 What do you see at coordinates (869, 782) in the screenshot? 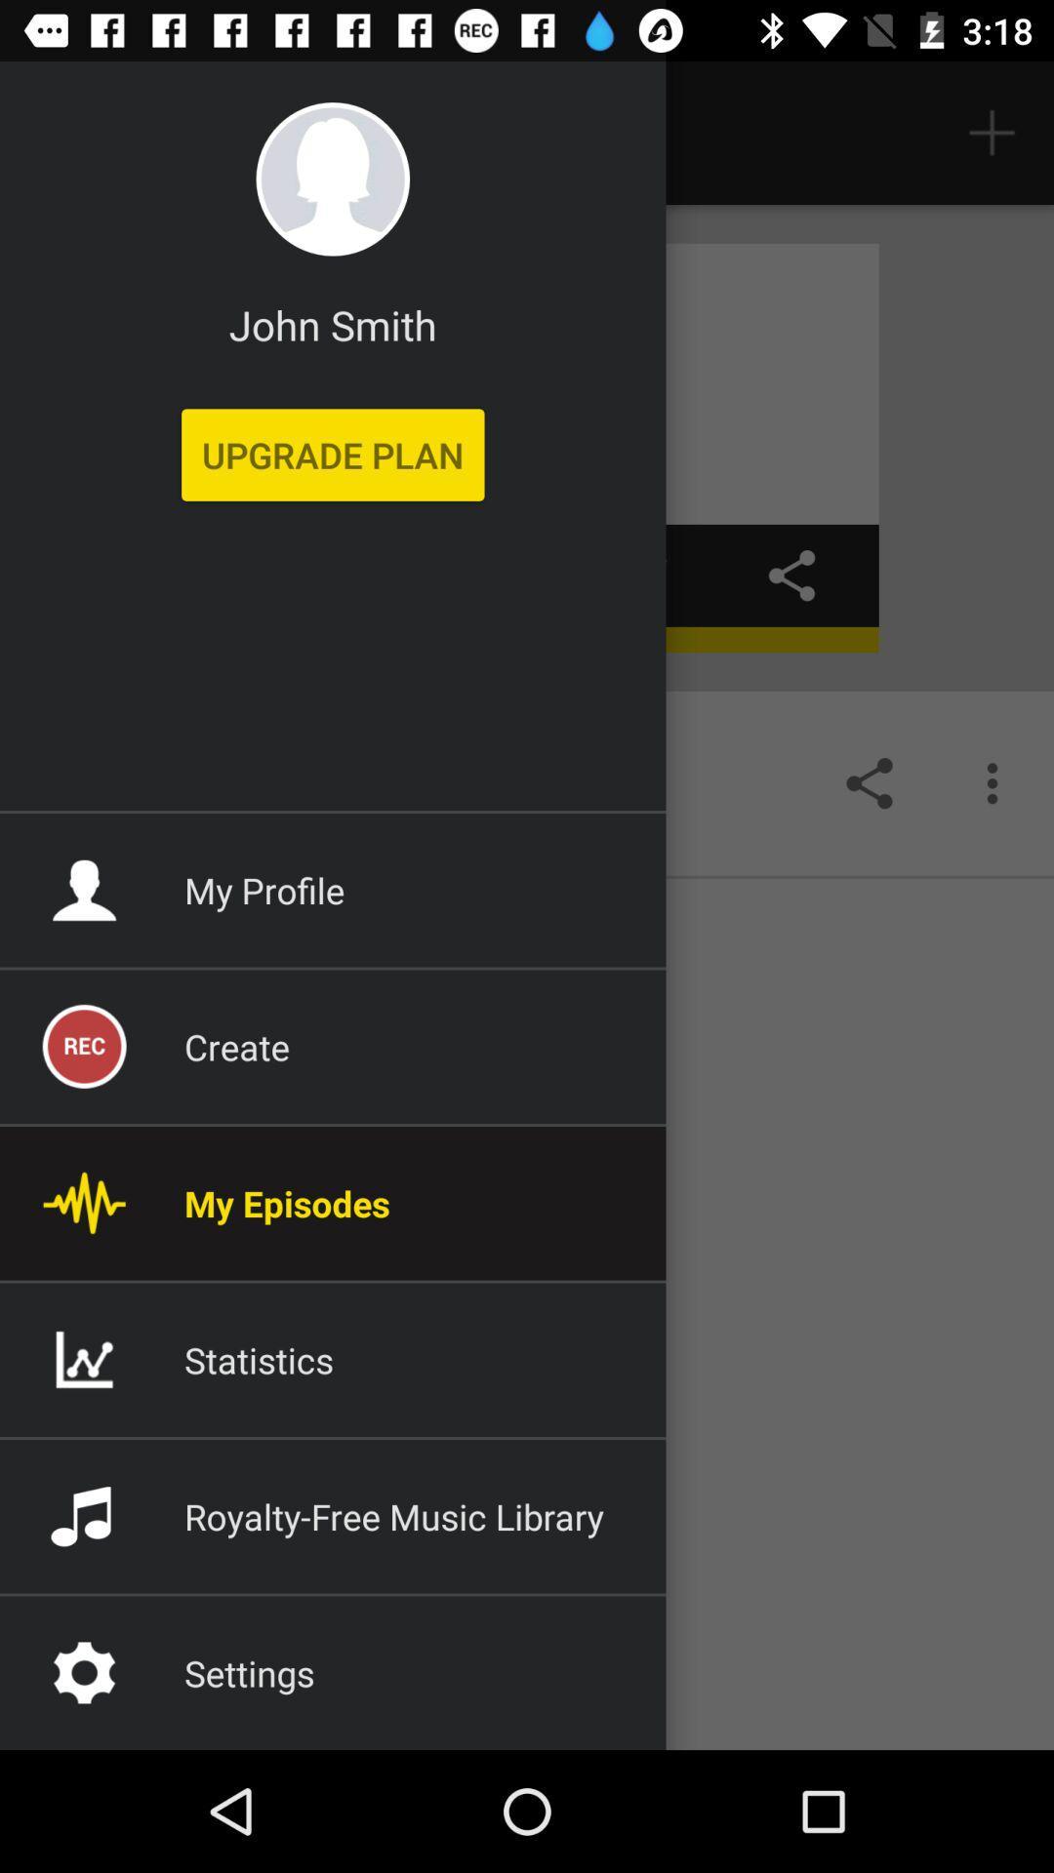
I see `a share button which is before more option` at bounding box center [869, 782].